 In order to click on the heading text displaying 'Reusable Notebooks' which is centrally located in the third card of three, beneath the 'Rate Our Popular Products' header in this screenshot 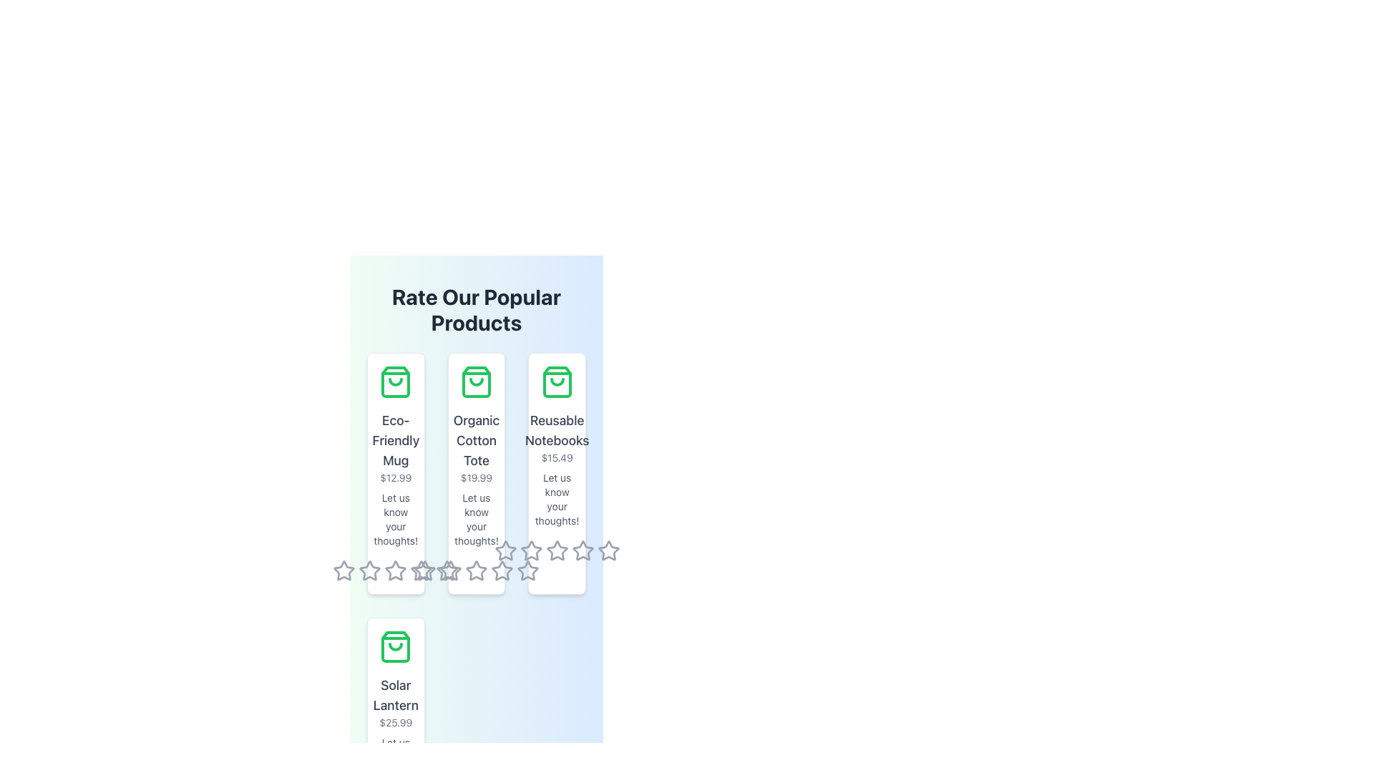, I will do `click(556, 429)`.